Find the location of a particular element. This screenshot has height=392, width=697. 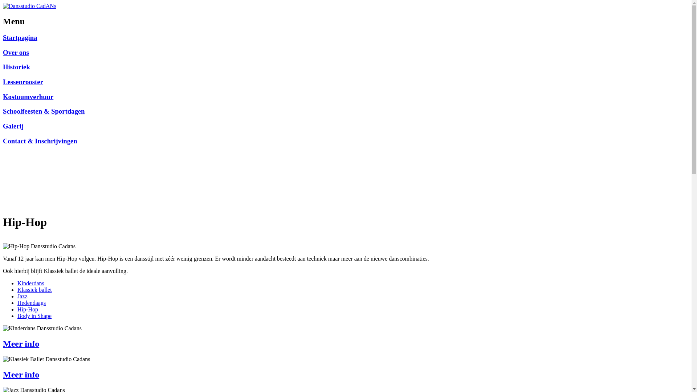

'Galerij' is located at coordinates (13, 126).